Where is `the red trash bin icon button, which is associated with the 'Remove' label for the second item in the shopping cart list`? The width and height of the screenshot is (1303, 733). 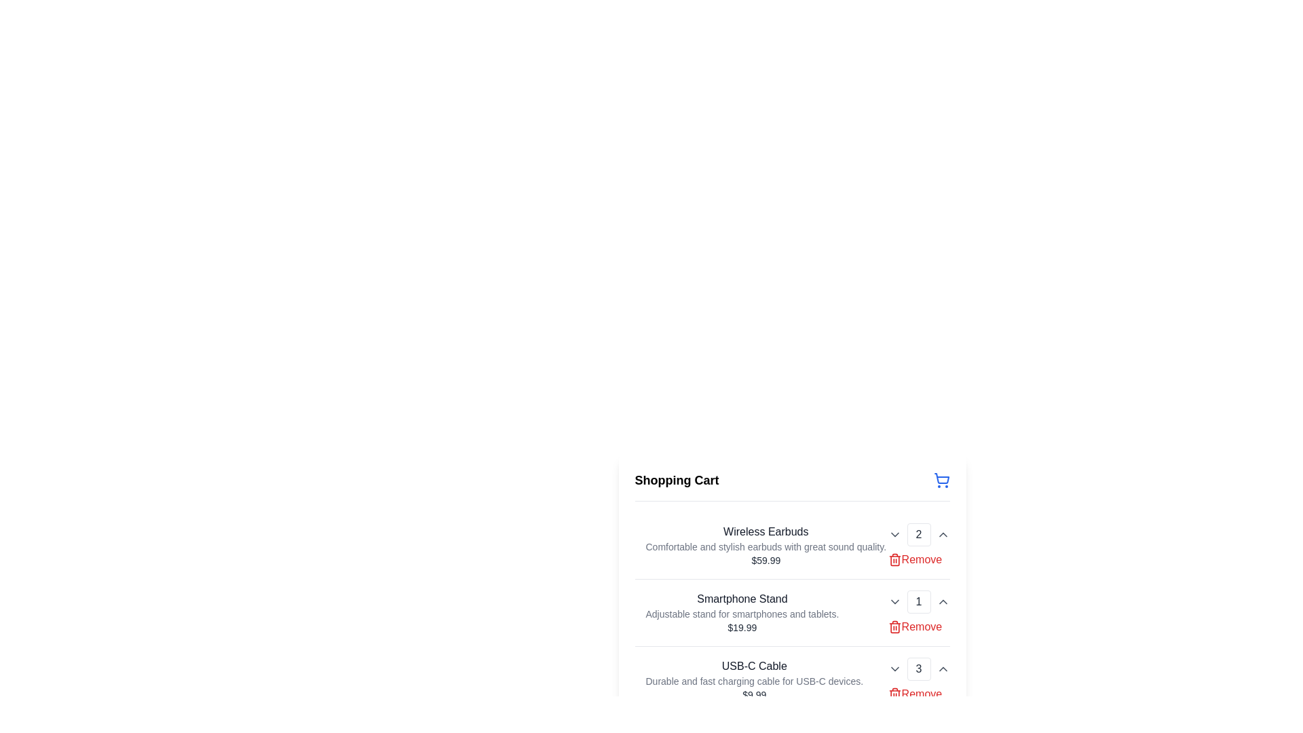 the red trash bin icon button, which is associated with the 'Remove' label for the second item in the shopping cart list is located at coordinates (894, 627).